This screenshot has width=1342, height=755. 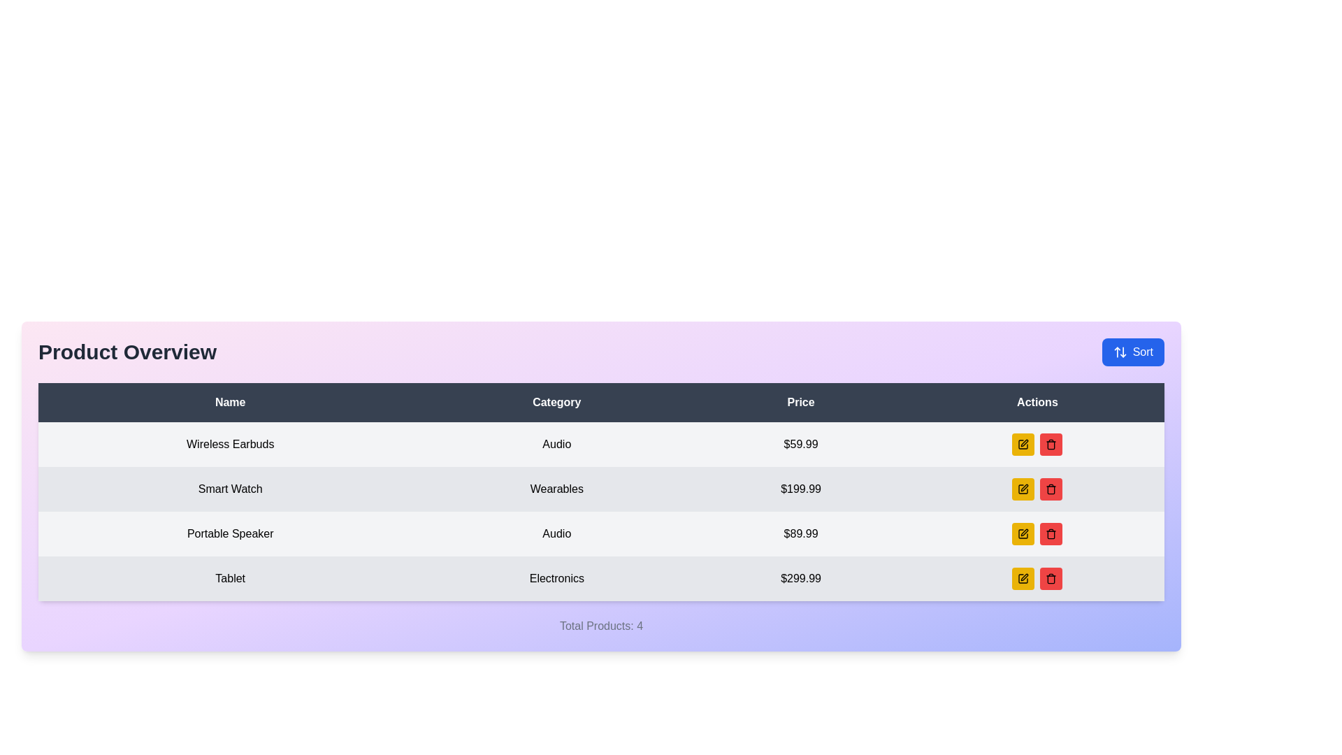 What do you see at coordinates (1025, 577) in the screenshot?
I see `the edit button icon located in the 'Actions' column of the table in the fourth row for the 'Tablet' item` at bounding box center [1025, 577].